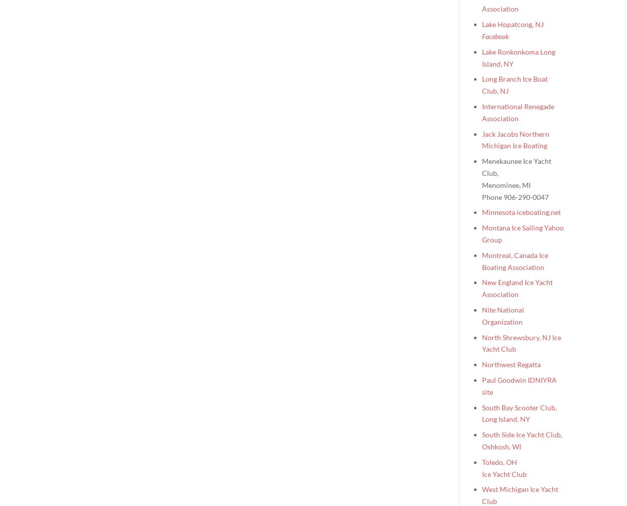 The width and height of the screenshot is (627, 506). I want to click on 'North Shrewsbury, NJ Ice Yacht Club', so click(522, 342).